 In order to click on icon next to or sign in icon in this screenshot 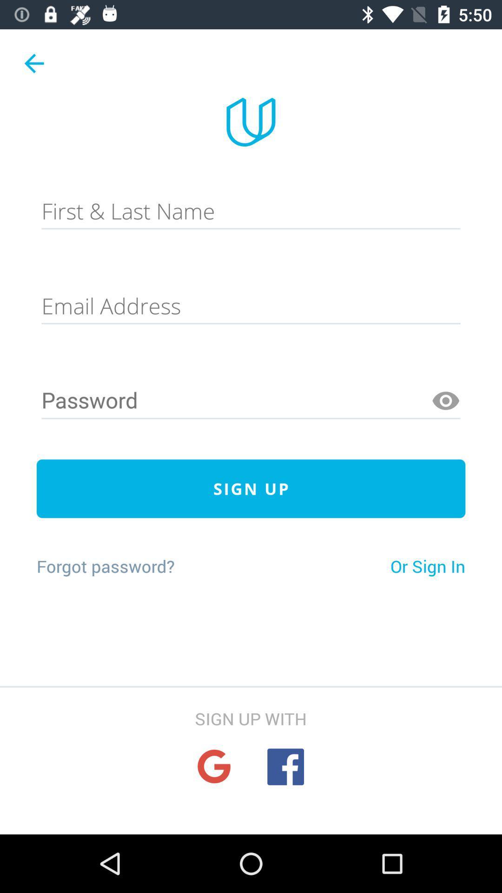, I will do `click(105, 566)`.